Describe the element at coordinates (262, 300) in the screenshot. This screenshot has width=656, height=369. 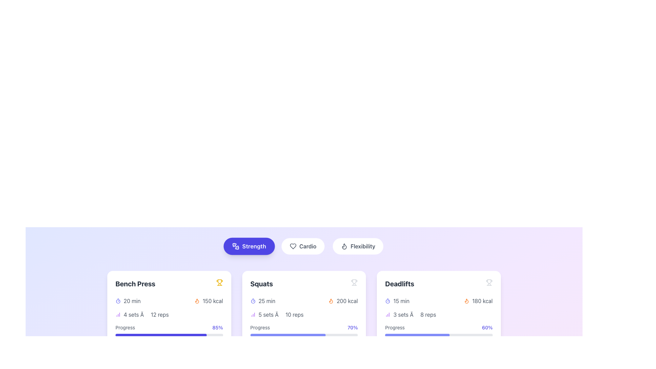
I see `the informational text label indicating the duration associated with the 'Squats' activity, located below the title 'Squats' in the card layout` at that location.